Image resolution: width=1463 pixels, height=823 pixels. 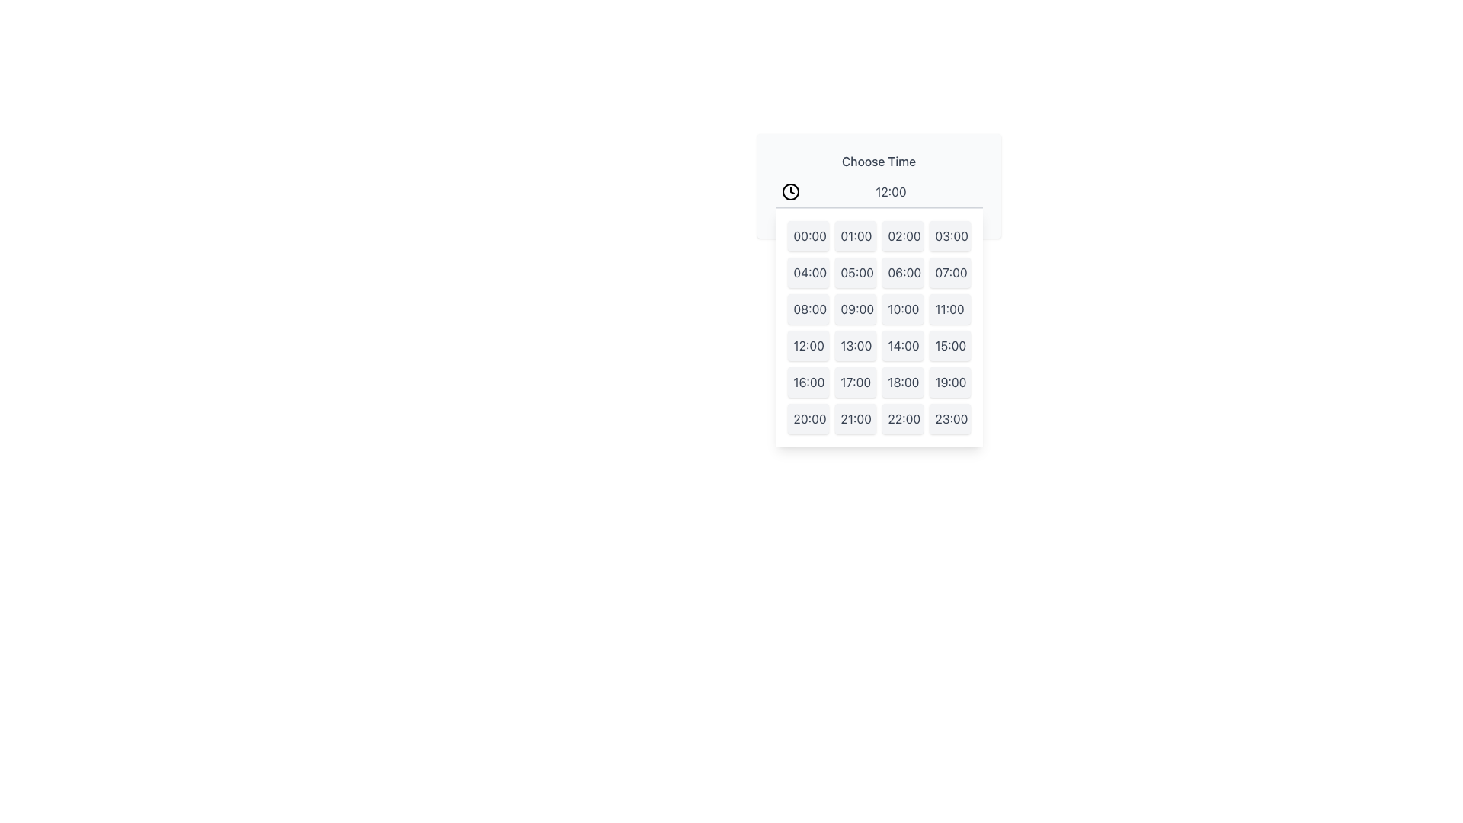 I want to click on the currently displayed time text in the time picker for further interaction, located under the 'Choose Time' label and aligned with the clock icon, so click(x=879, y=185).